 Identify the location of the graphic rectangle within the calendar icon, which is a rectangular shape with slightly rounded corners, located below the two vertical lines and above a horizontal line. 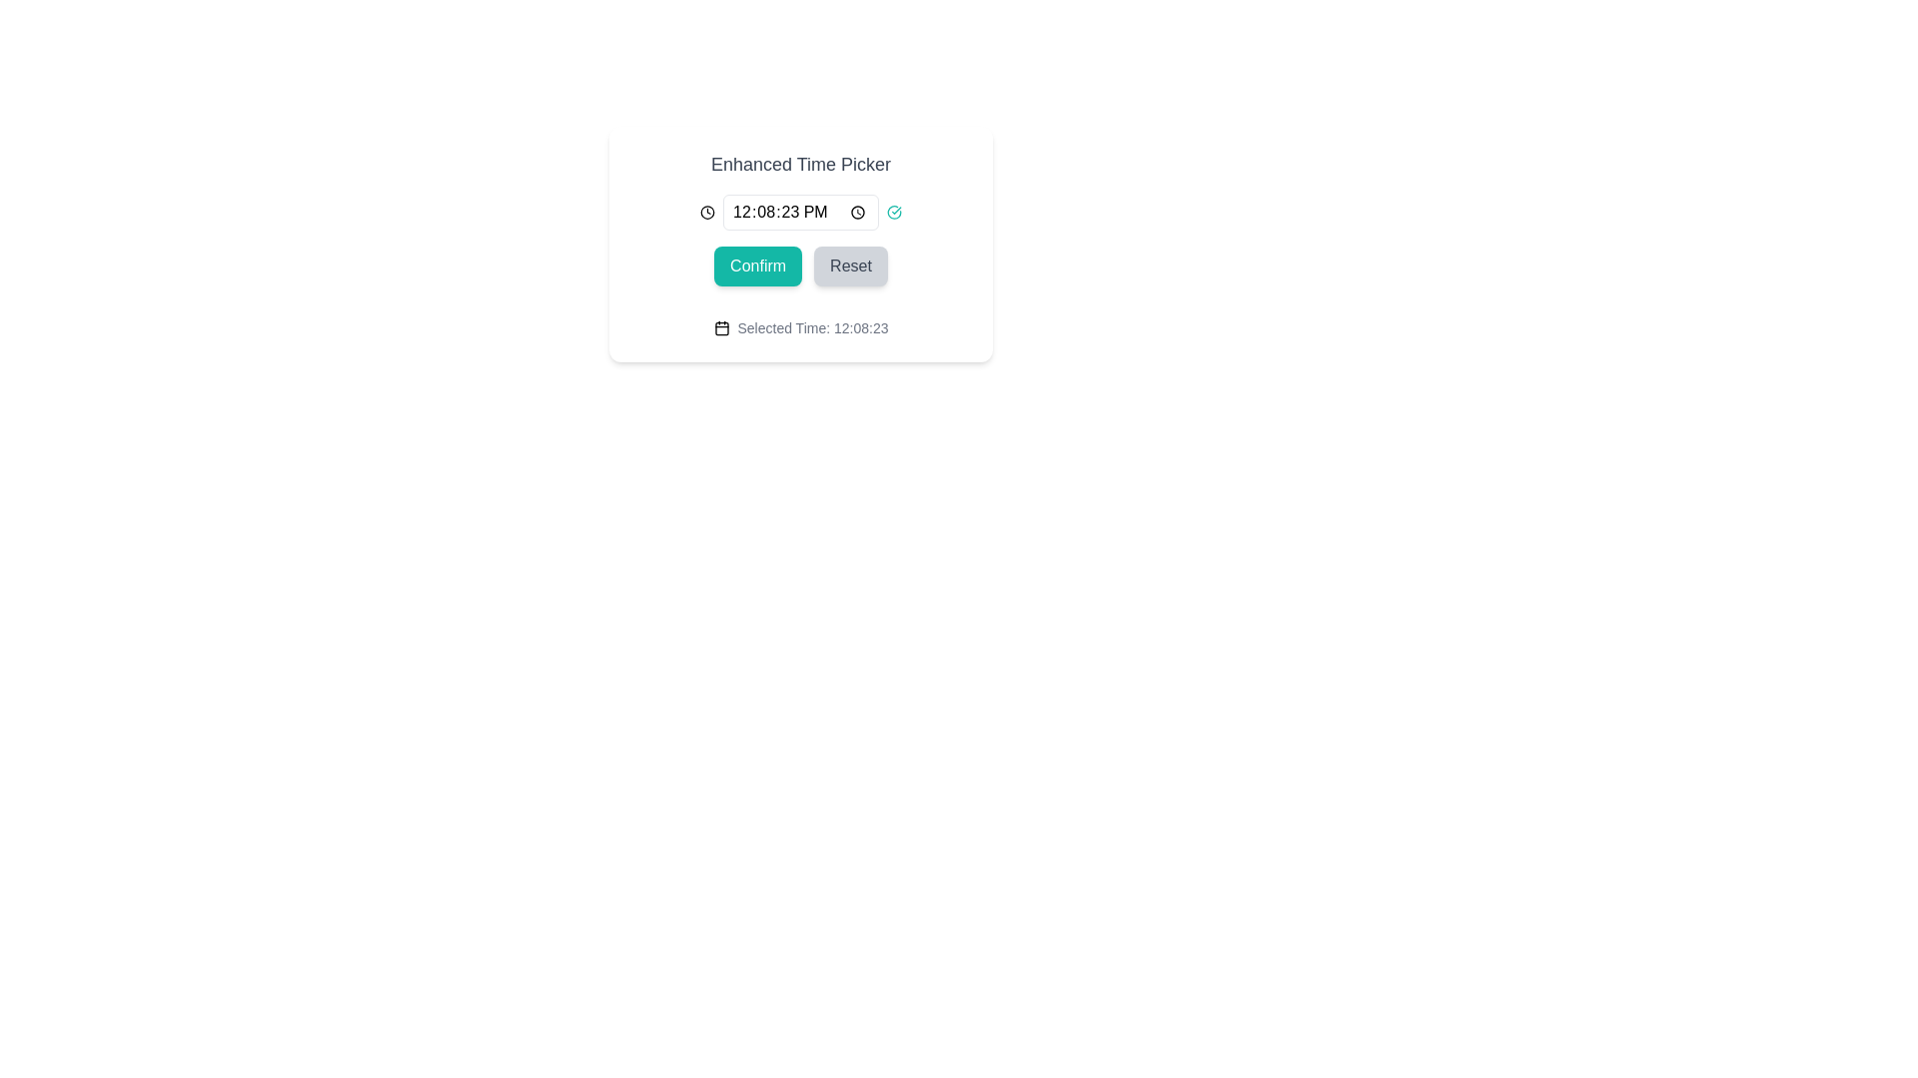
(720, 327).